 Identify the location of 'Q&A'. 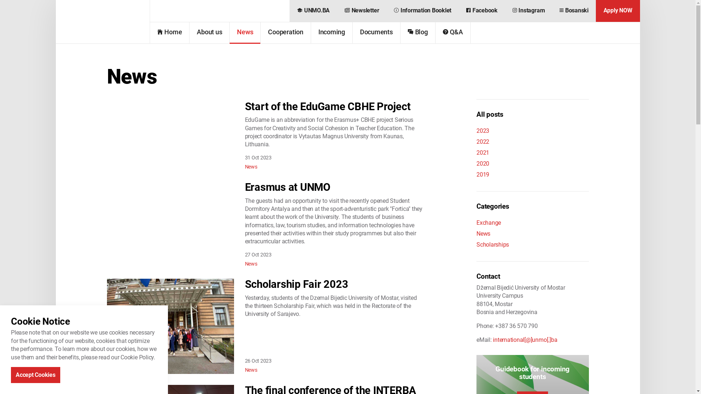
(452, 32).